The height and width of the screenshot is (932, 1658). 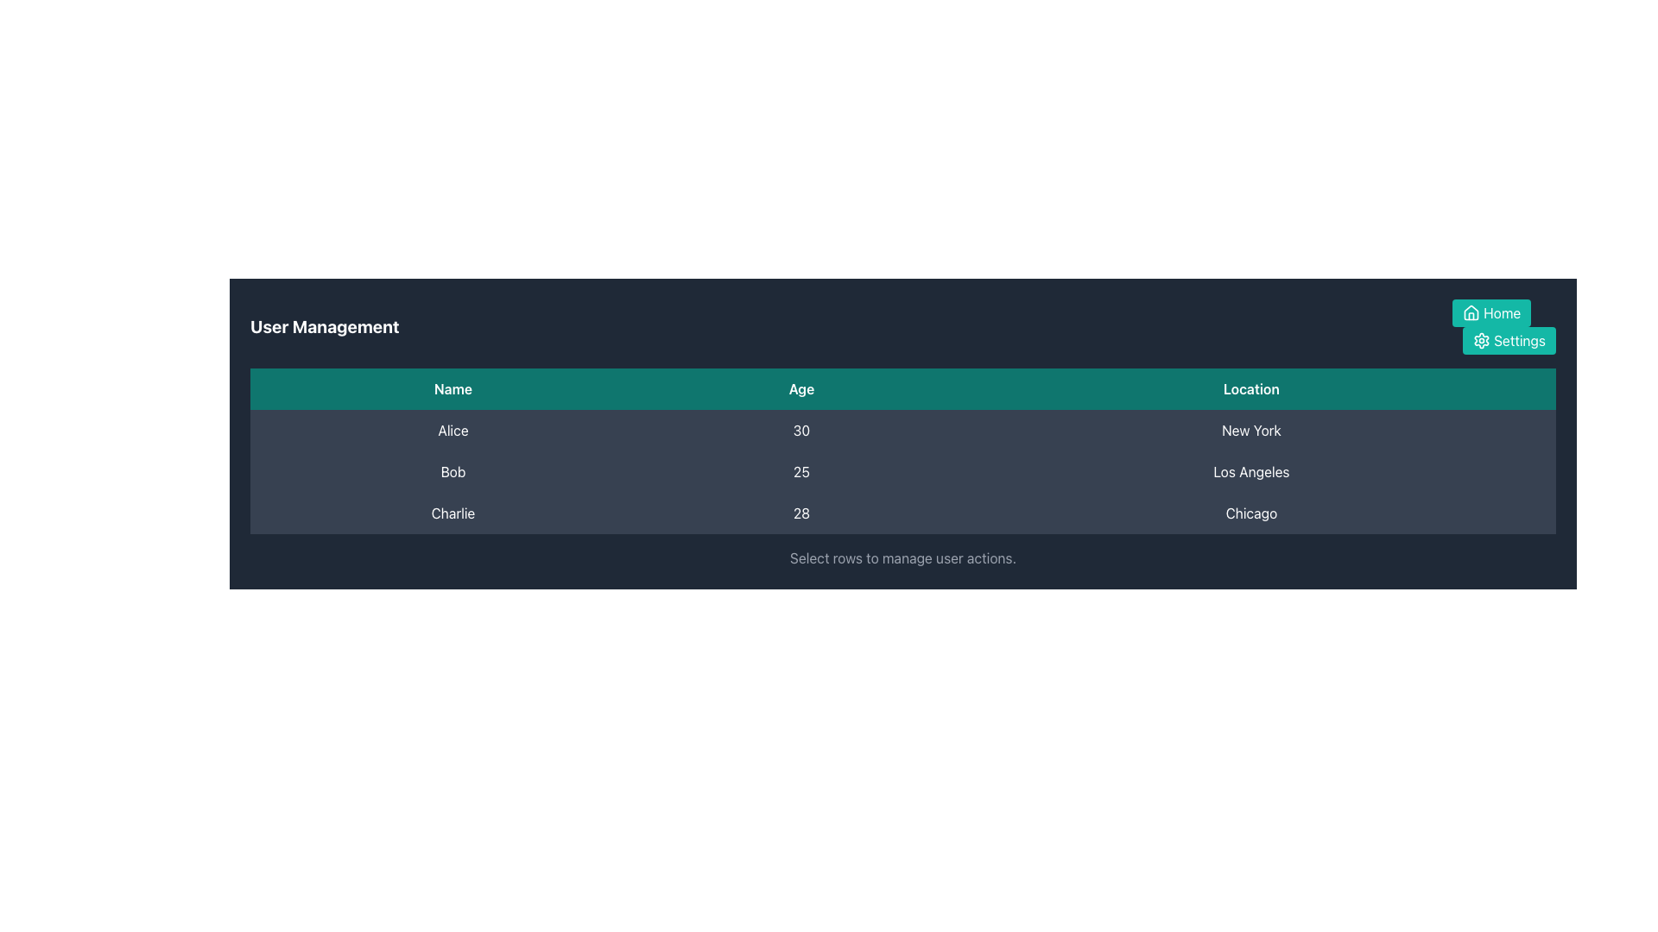 What do you see at coordinates (801, 512) in the screenshot?
I see `the informational text label displaying the age of 'Charlie' in the table, located in the third column under the 'Age' header` at bounding box center [801, 512].